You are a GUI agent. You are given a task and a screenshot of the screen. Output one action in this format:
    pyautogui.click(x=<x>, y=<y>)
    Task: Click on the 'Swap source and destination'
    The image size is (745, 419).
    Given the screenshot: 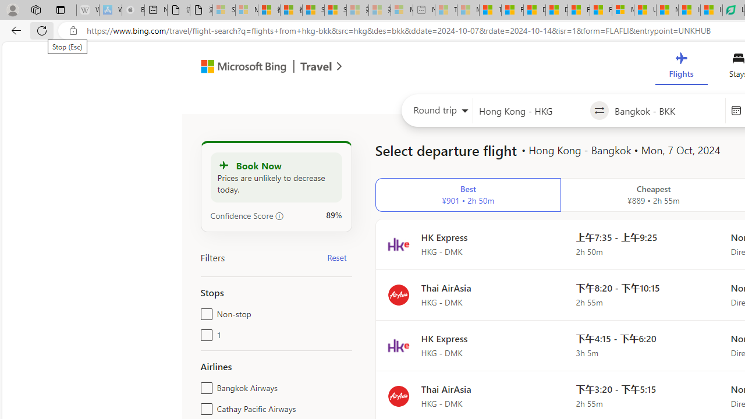 What is the action you would take?
    pyautogui.click(x=599, y=111)
    